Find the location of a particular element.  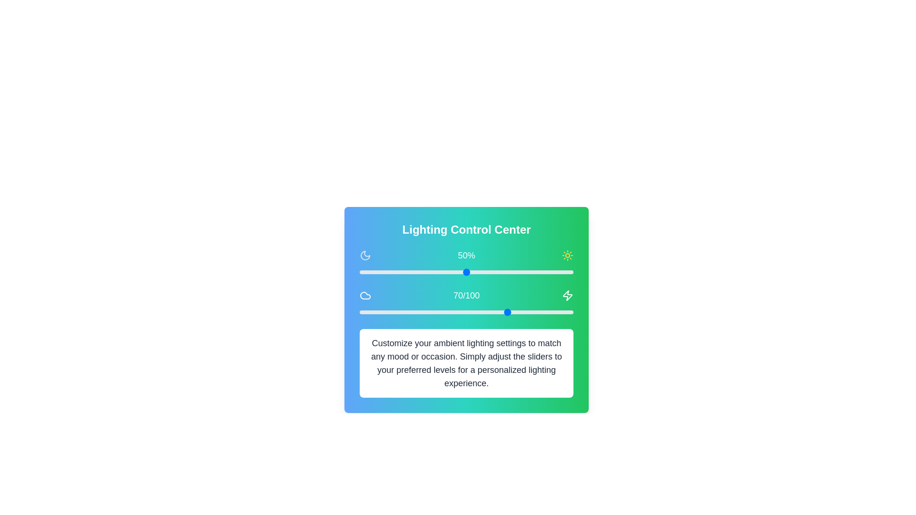

the slider to set the value to 87 is located at coordinates (545, 272).